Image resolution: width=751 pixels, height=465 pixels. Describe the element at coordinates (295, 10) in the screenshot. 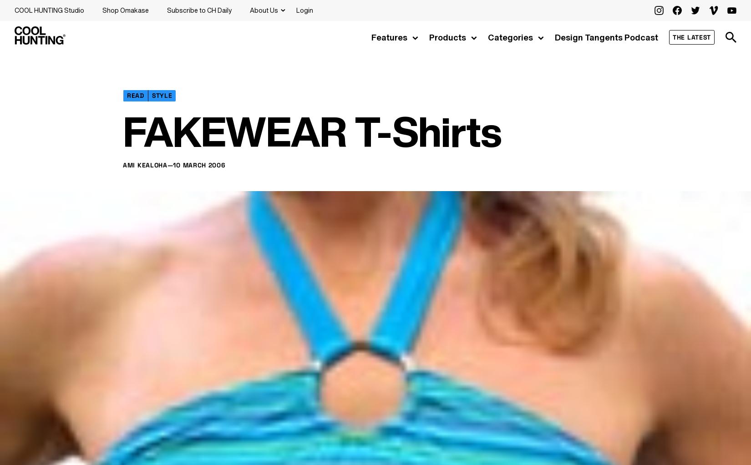

I see `'Login'` at that location.